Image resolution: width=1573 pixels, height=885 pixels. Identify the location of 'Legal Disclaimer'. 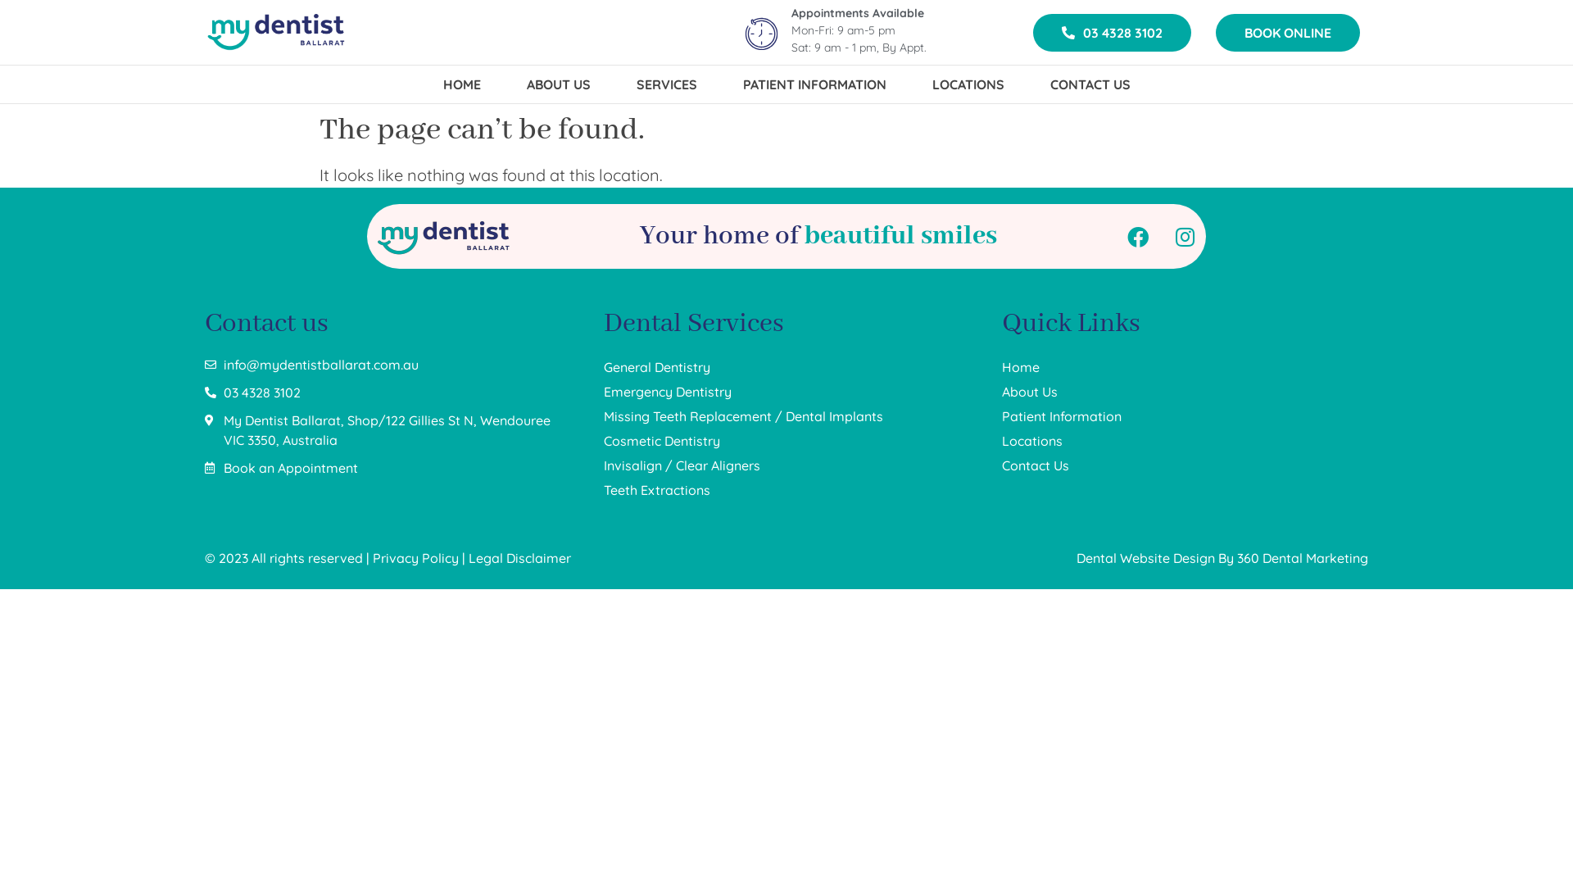
(519, 557).